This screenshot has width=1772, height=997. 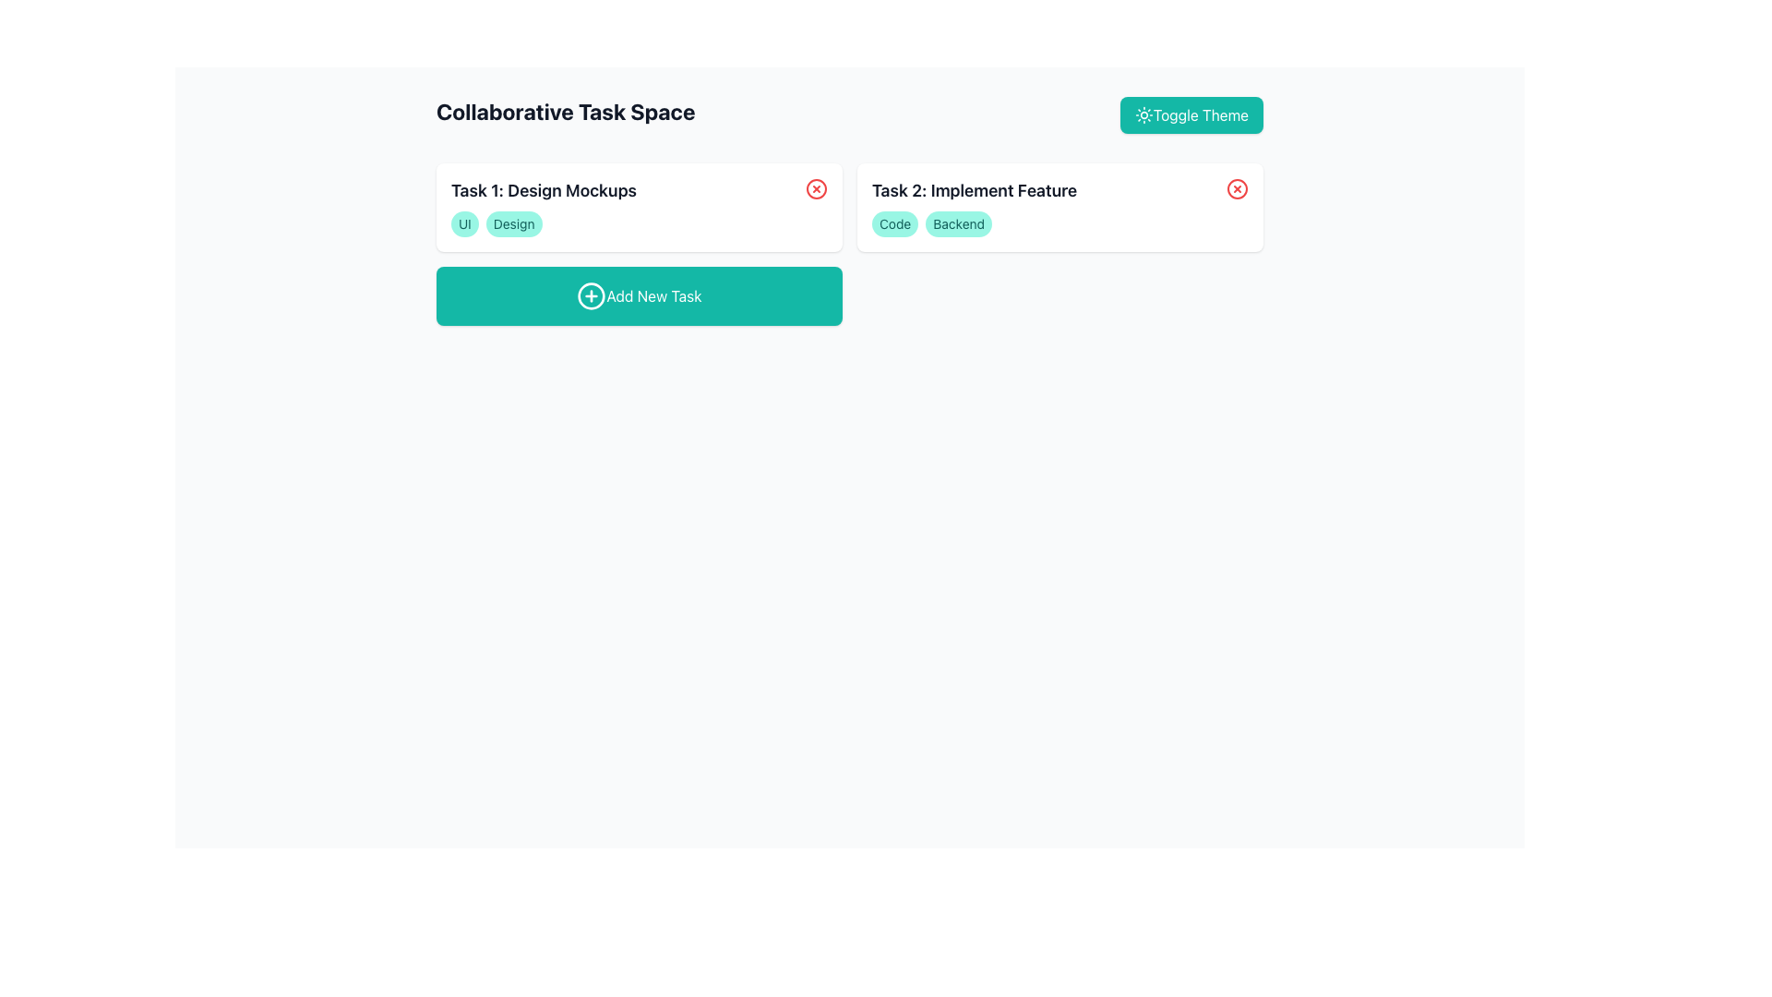 I want to click on the non-interactive label that categorizes the task in the card labeled 'Task 1: Design Mockups', which is the second item in a horizontal list of pill-shaped tags, positioned to the right of the 'UI' tag, so click(x=514, y=223).